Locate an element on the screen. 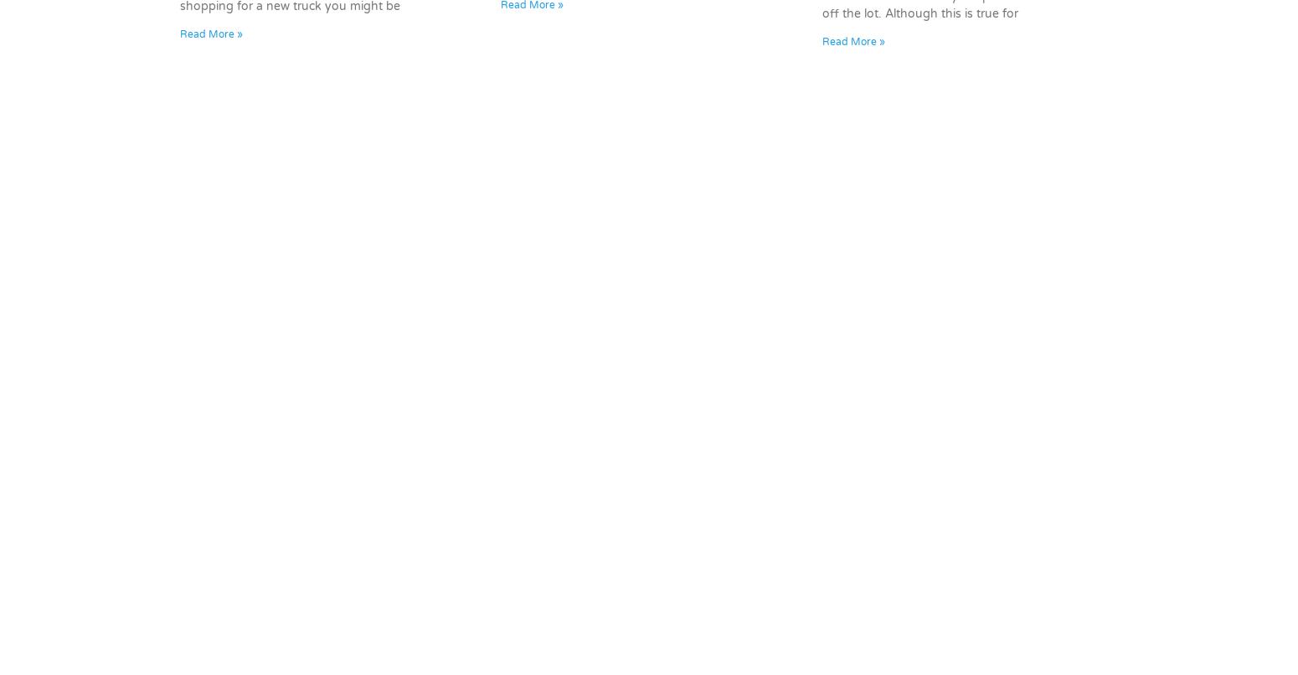 Image resolution: width=1298 pixels, height=675 pixels. 'About Us' is located at coordinates (950, 490).